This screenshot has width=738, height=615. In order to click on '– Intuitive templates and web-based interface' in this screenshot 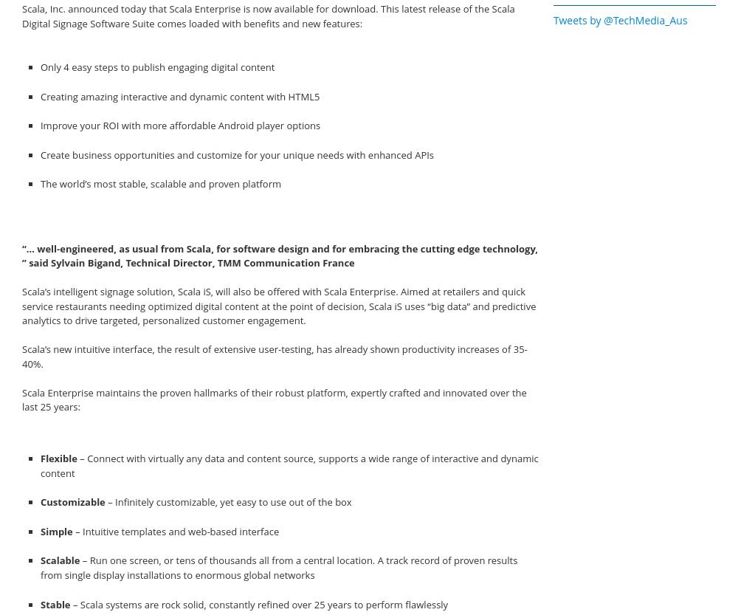, I will do `click(175, 530)`.